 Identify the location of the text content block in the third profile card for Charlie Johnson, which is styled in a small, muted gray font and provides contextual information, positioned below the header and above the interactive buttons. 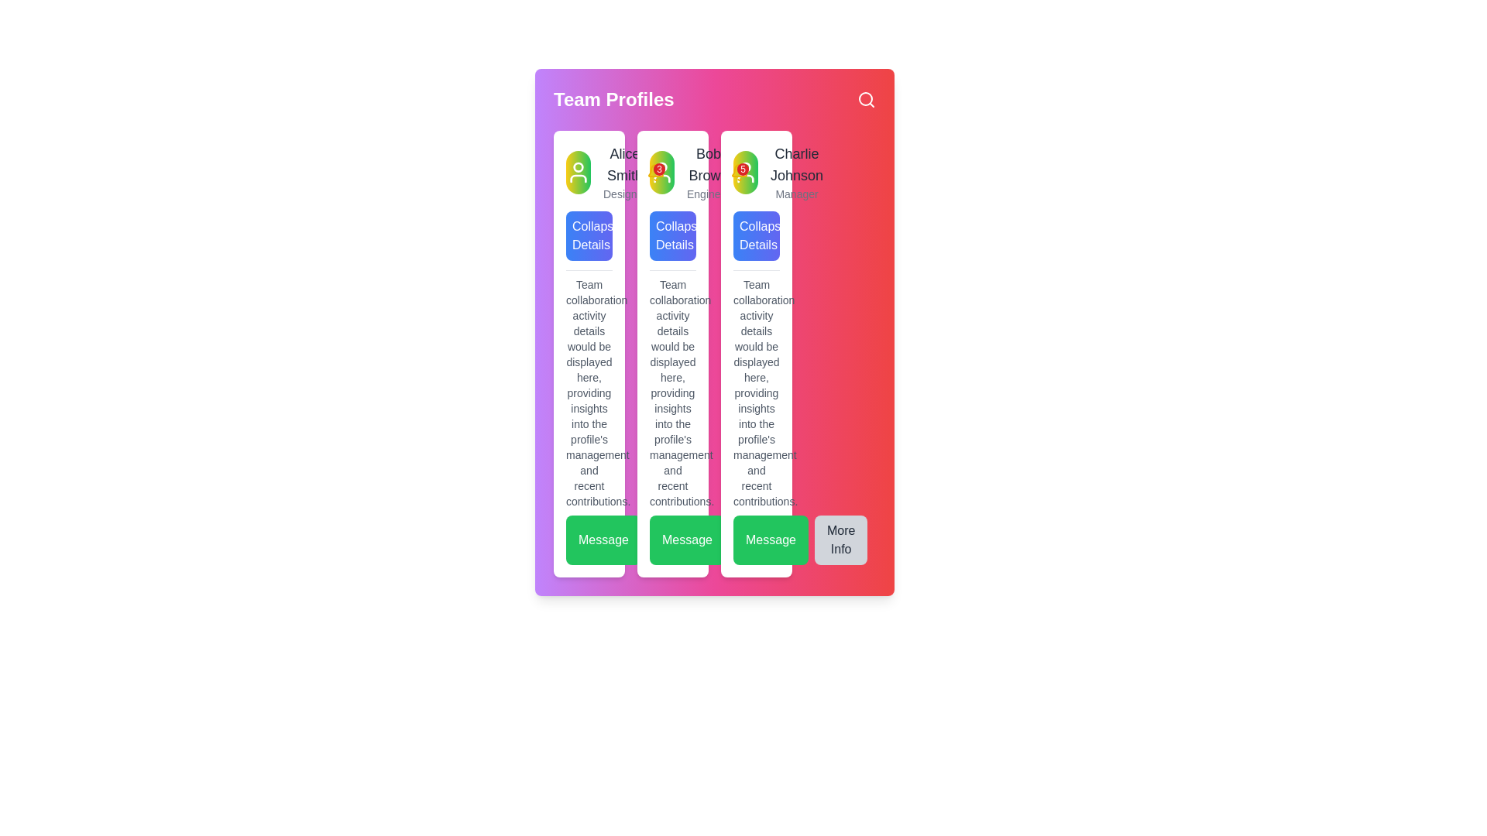
(757, 416).